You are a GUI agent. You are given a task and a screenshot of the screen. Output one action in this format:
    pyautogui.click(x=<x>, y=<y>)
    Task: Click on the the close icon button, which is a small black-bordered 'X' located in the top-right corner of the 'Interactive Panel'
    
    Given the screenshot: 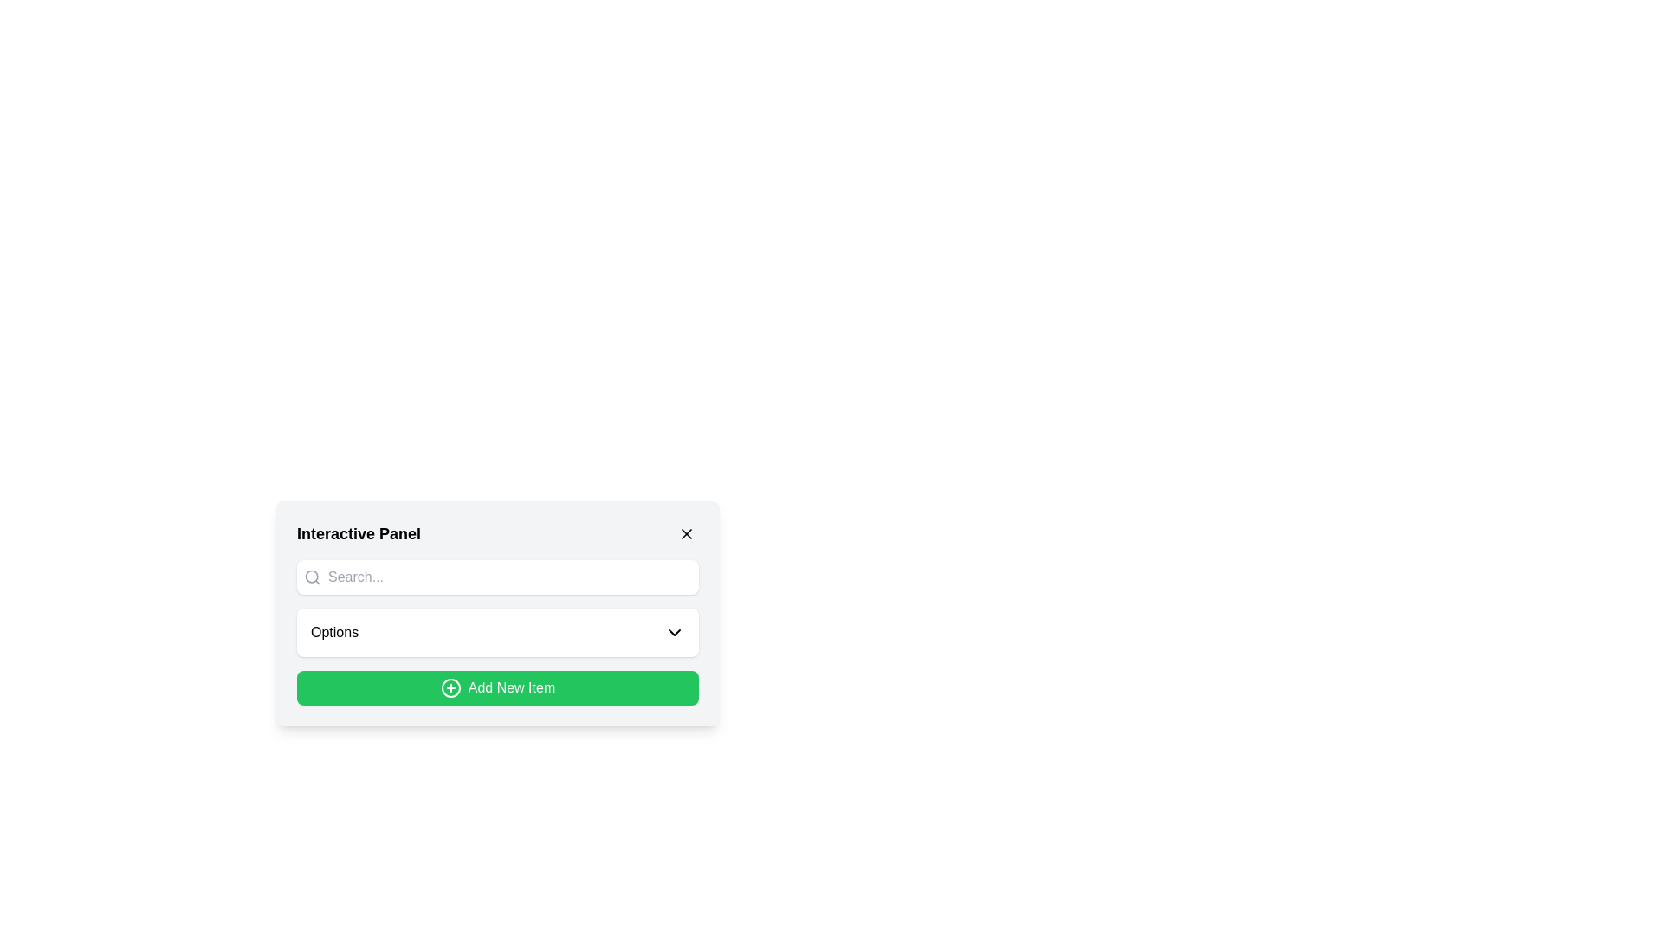 What is the action you would take?
    pyautogui.click(x=685, y=533)
    